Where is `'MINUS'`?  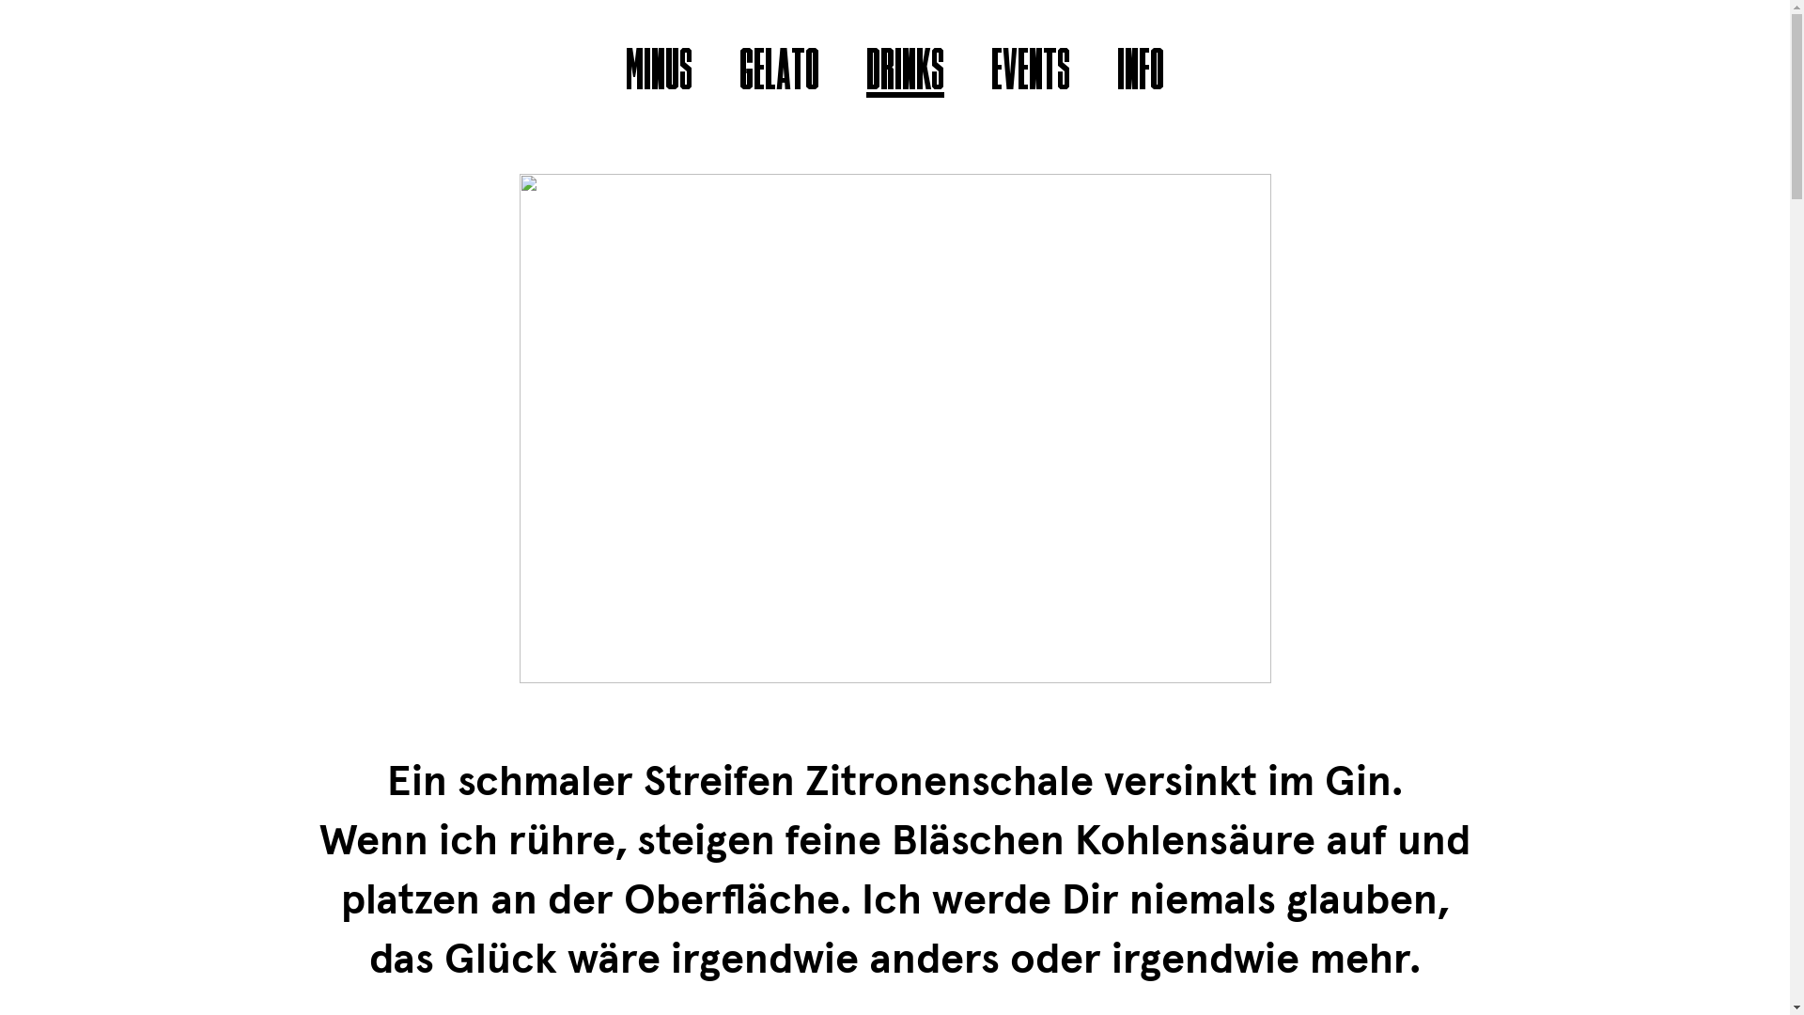 'MINUS' is located at coordinates (659, 74).